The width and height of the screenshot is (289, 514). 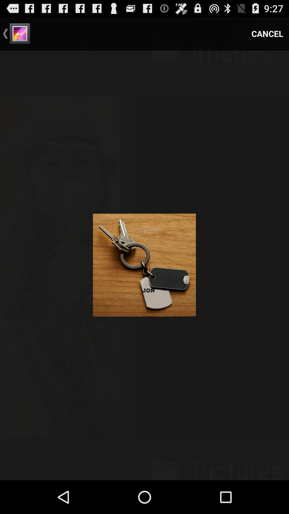 What do you see at coordinates (267, 33) in the screenshot?
I see `cancel icon` at bounding box center [267, 33].